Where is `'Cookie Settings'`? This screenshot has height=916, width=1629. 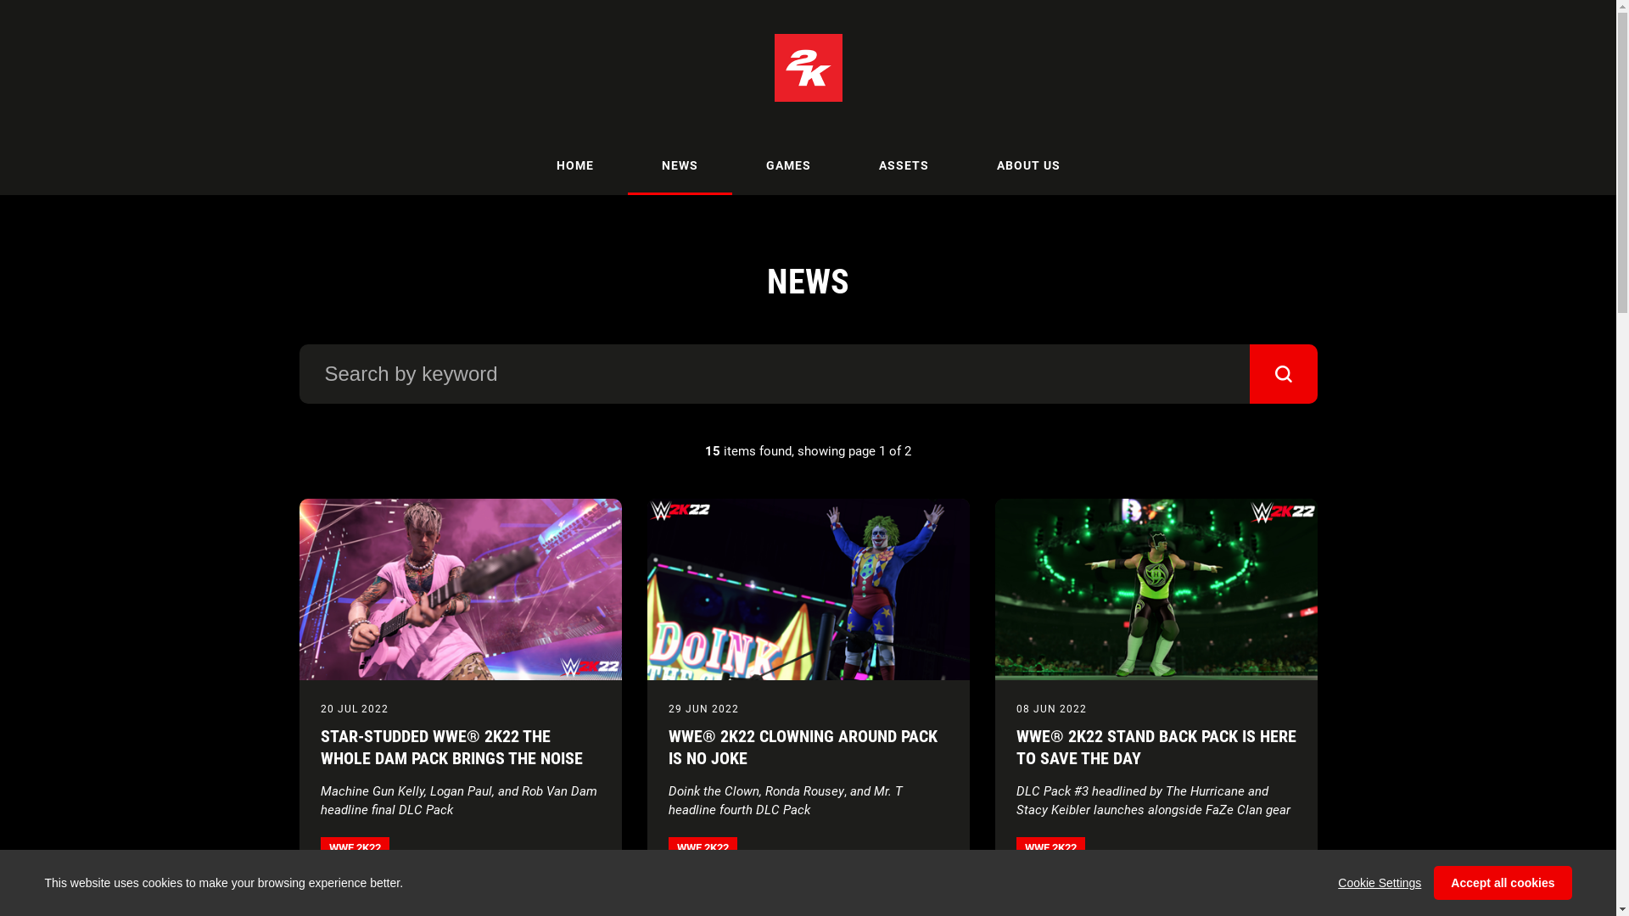
'Cookie Settings' is located at coordinates (1380, 882).